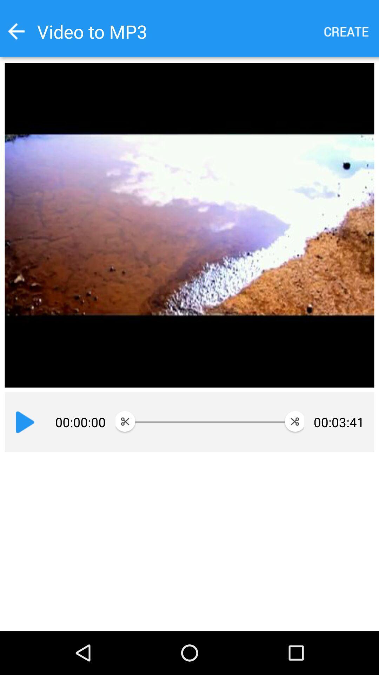 The height and width of the screenshot is (675, 379). Describe the element at coordinates (25, 422) in the screenshot. I see `item to the left of 00:00:00 item` at that location.